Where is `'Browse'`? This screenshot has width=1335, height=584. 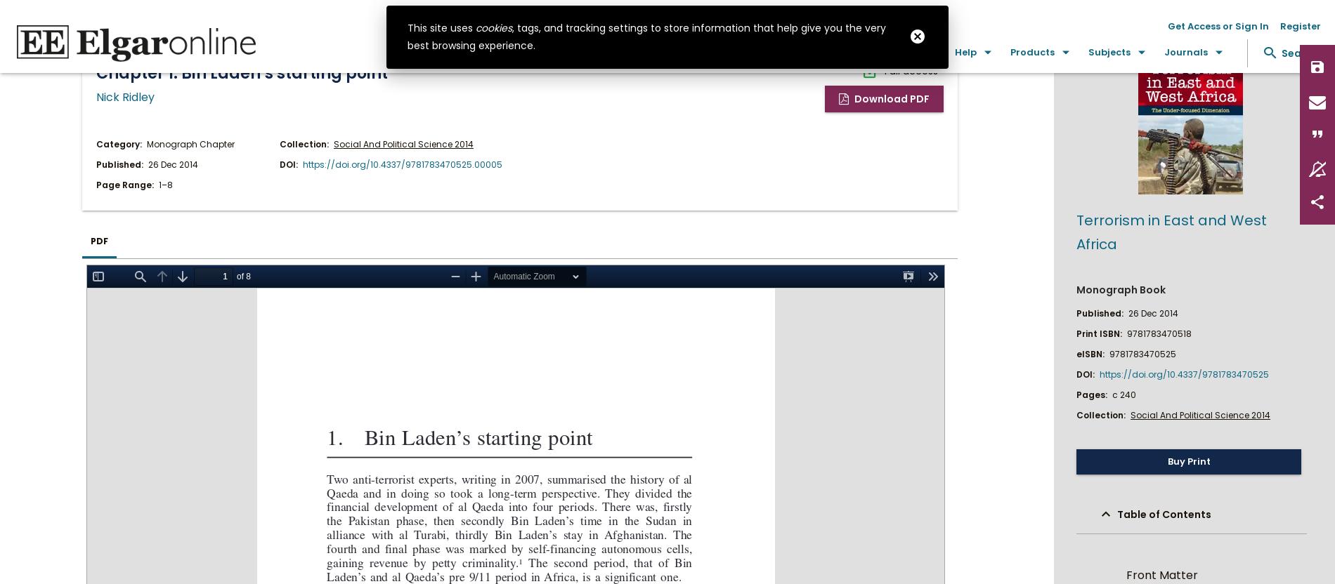
'Browse' is located at coordinates (802, 51).